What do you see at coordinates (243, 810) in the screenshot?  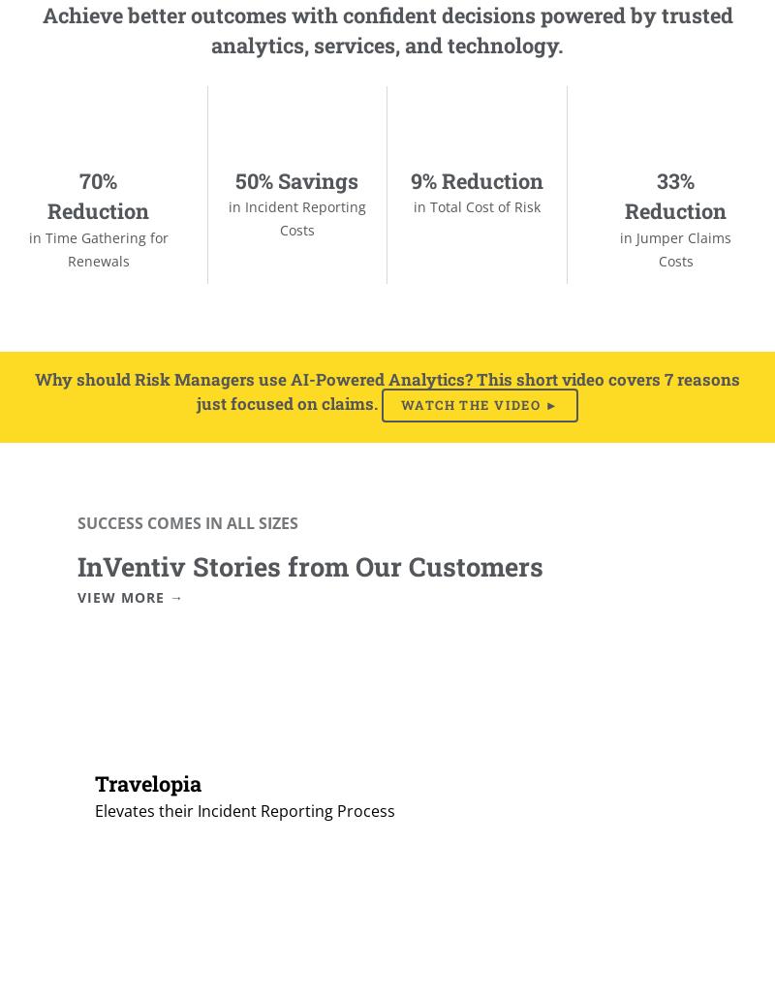 I see `'Elevates their Incident Reporting Process'` at bounding box center [243, 810].